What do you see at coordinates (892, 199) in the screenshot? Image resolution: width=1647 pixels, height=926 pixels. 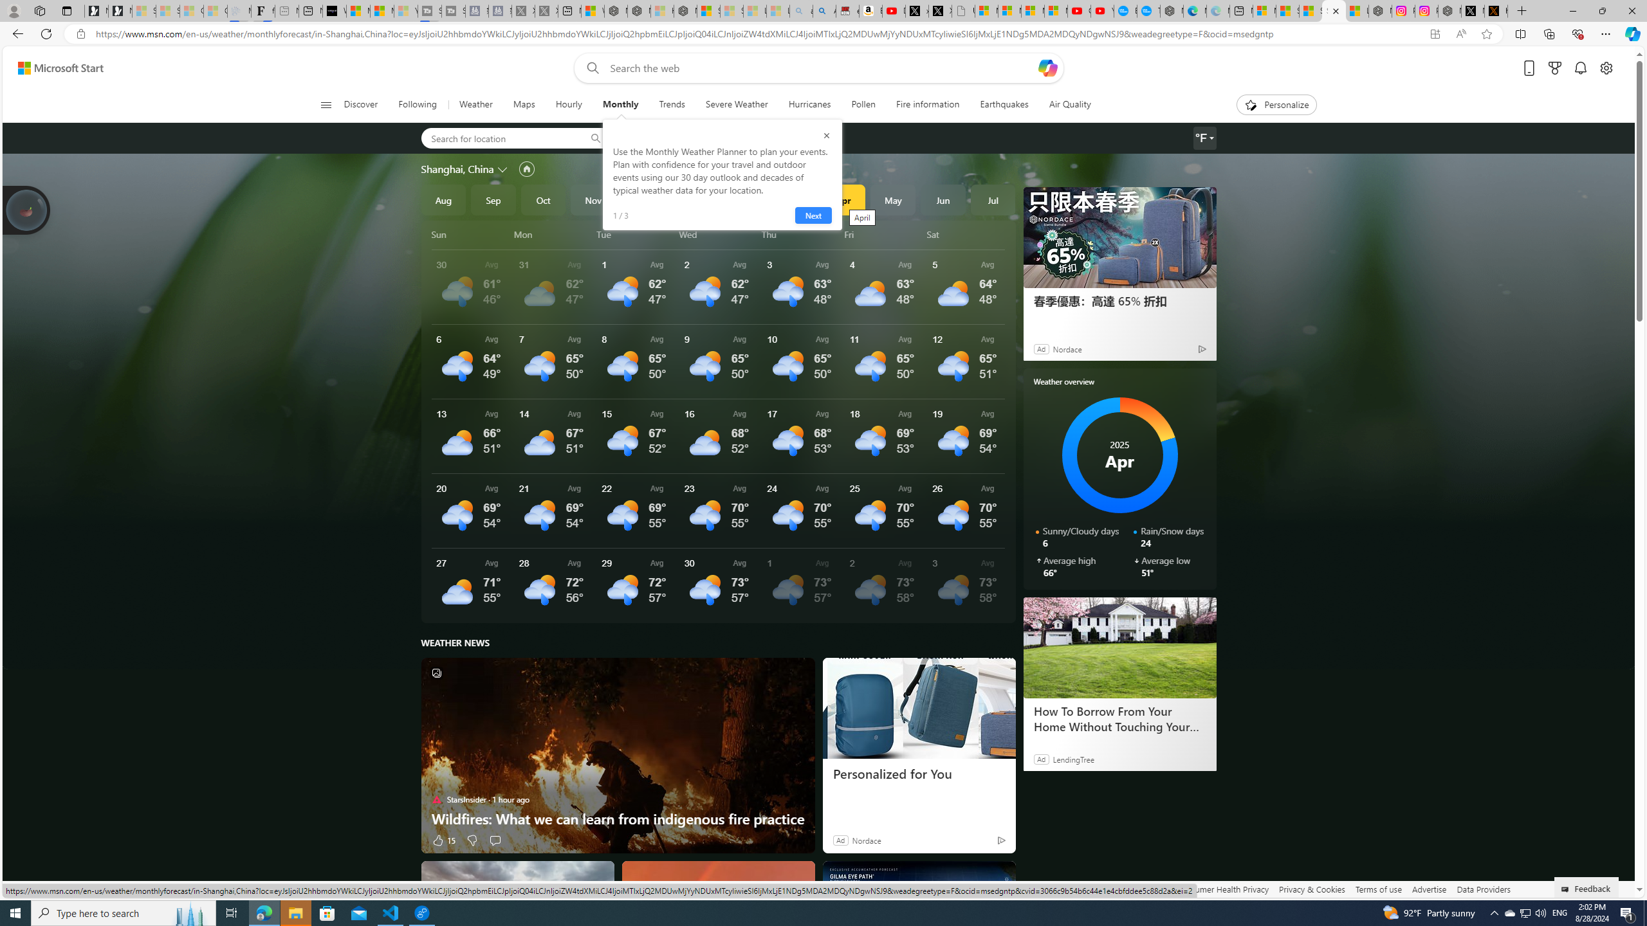 I see `'May'` at bounding box center [892, 199].